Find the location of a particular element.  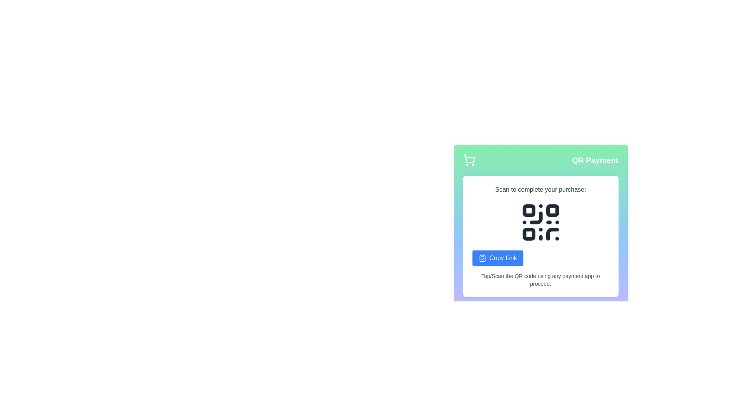

the instructional header text label that guides the user to scan a QR code for completing their purchase is located at coordinates (540, 190).